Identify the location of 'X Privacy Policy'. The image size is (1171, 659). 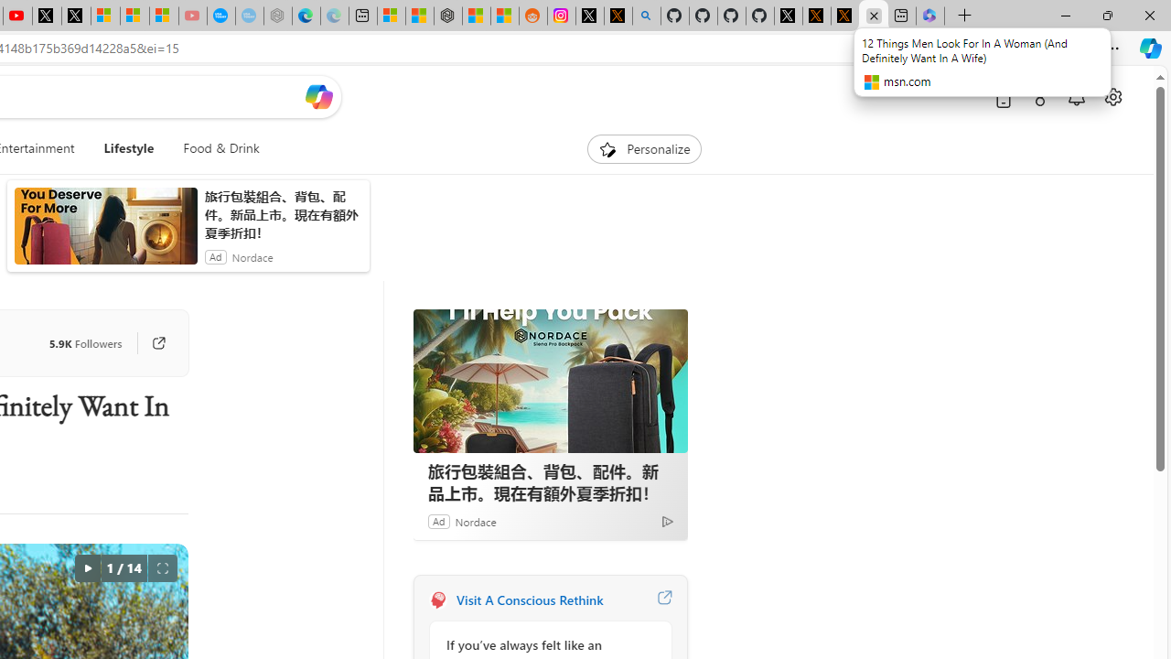
(844, 16).